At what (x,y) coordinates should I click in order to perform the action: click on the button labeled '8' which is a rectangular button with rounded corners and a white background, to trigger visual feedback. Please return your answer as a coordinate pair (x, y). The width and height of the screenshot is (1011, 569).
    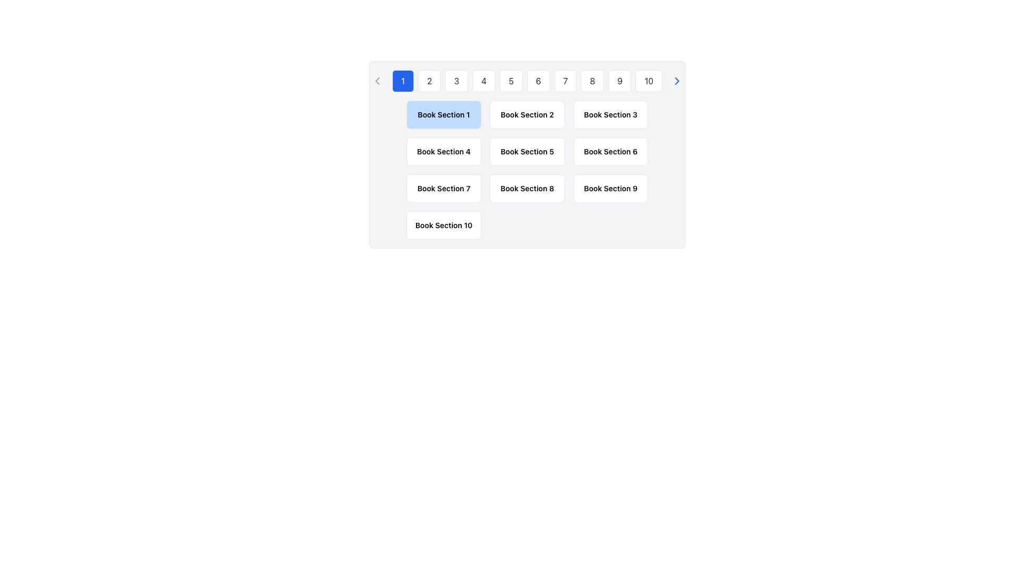
    Looking at the image, I should click on (592, 81).